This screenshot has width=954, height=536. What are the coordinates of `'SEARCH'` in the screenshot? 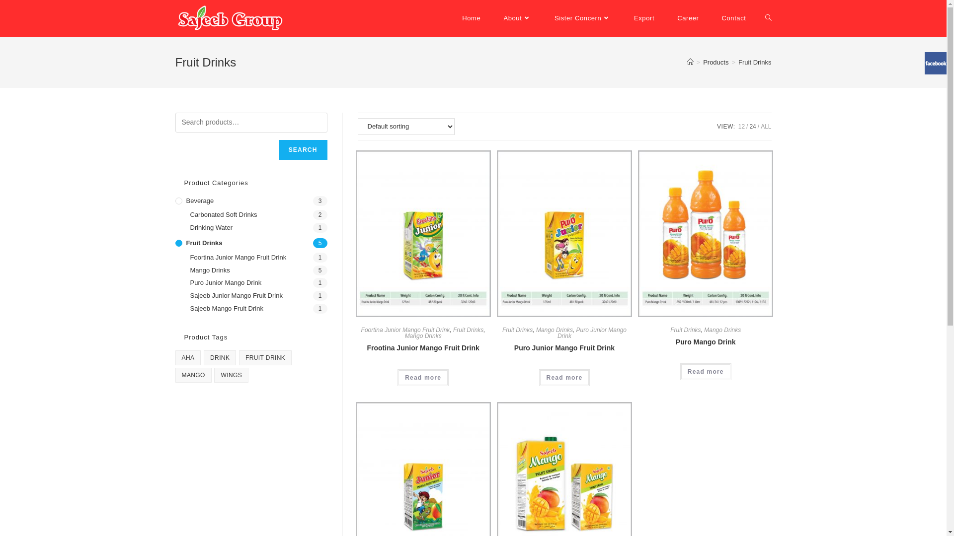 It's located at (278, 149).